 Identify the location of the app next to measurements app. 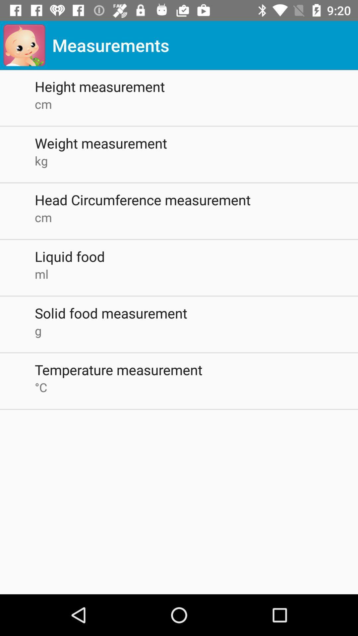
(24, 45).